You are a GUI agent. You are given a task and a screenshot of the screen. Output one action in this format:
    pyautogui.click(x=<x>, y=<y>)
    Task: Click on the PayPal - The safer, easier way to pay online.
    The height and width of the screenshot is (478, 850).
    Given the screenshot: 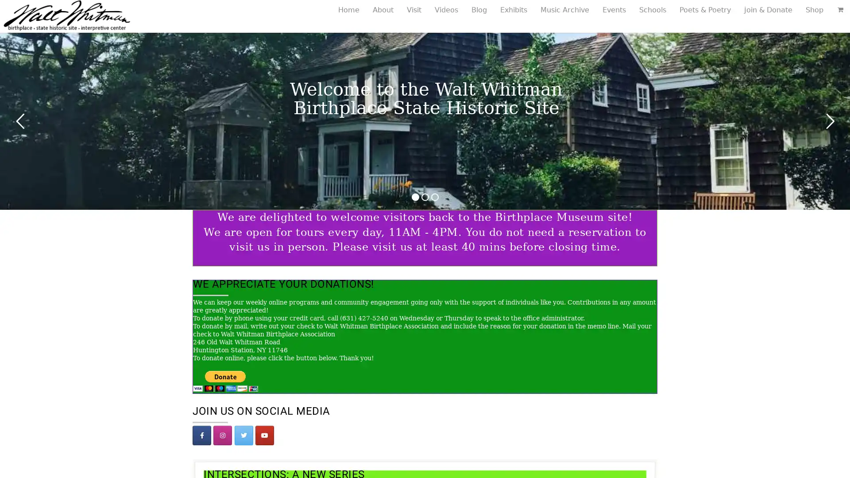 What is the action you would take?
    pyautogui.click(x=225, y=380)
    